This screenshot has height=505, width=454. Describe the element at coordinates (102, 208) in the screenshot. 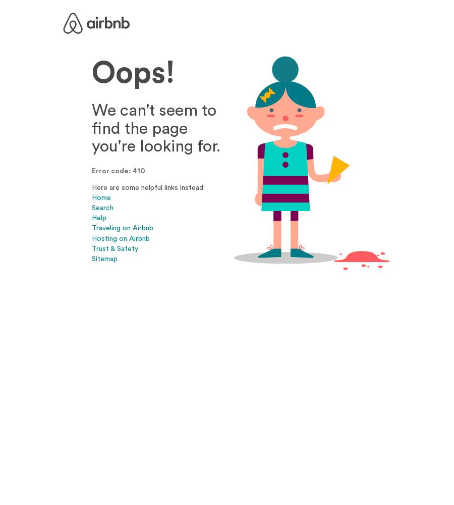

I see `'Search'` at that location.